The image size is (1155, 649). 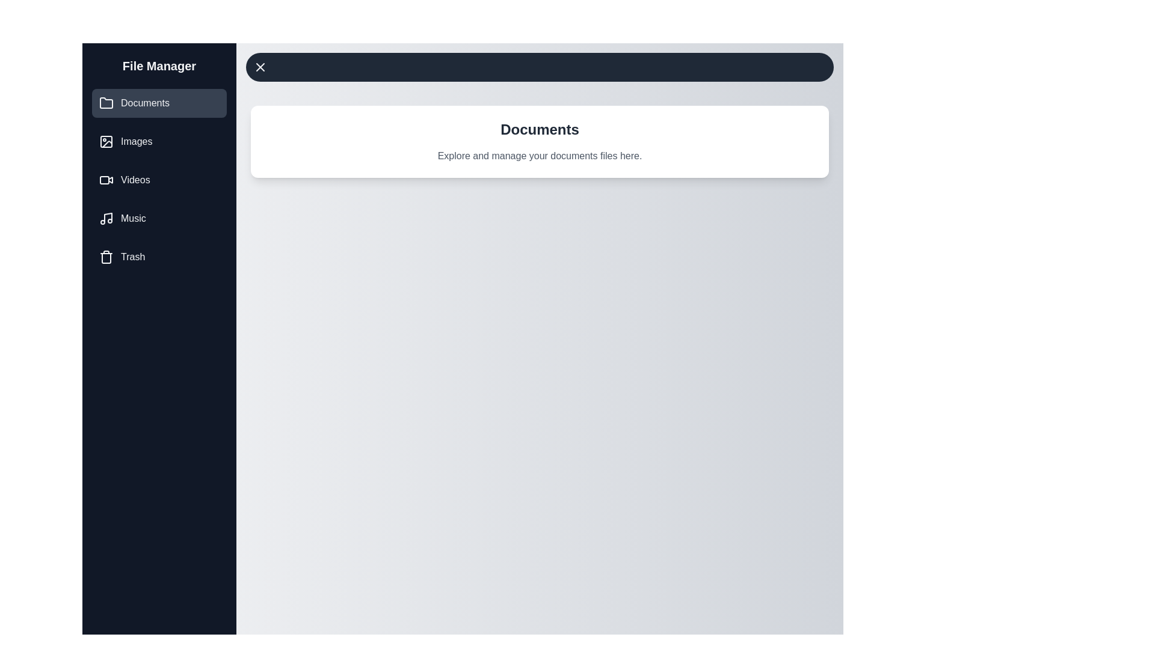 What do you see at coordinates (158, 141) in the screenshot?
I see `the category Images from the drawer` at bounding box center [158, 141].